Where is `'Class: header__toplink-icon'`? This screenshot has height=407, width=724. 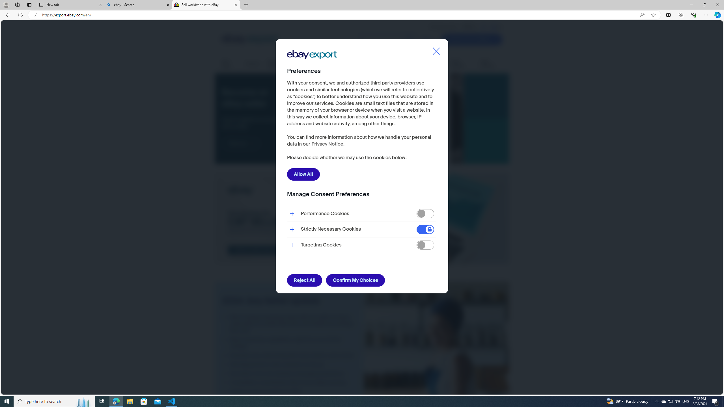 'Class: header__toplink-icon' is located at coordinates (500, 27).